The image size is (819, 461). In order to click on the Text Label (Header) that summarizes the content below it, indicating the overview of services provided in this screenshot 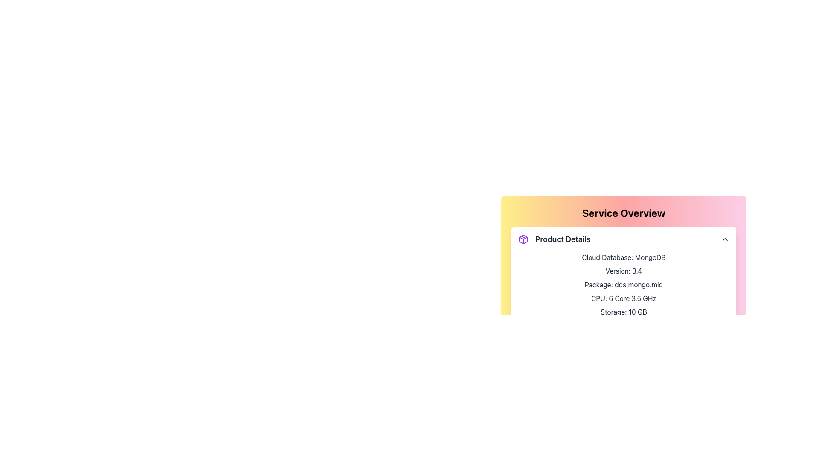, I will do `click(624, 212)`.